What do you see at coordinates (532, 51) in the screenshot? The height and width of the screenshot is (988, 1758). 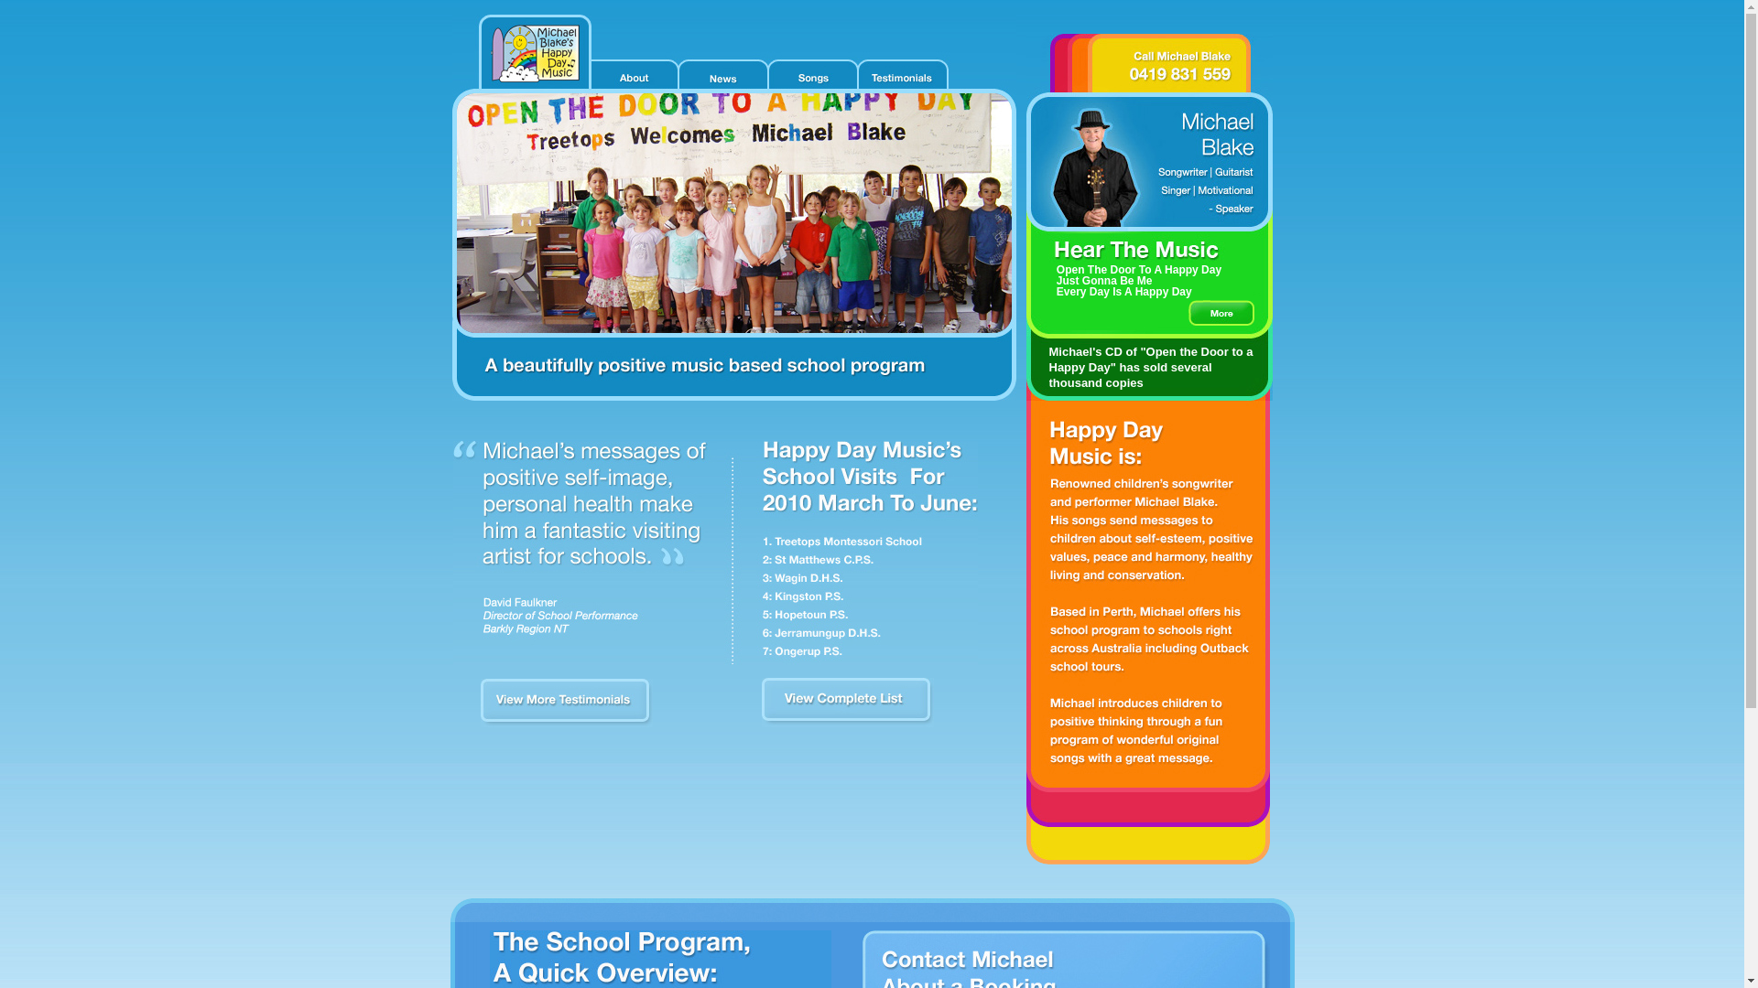 I see `'Home'` at bounding box center [532, 51].